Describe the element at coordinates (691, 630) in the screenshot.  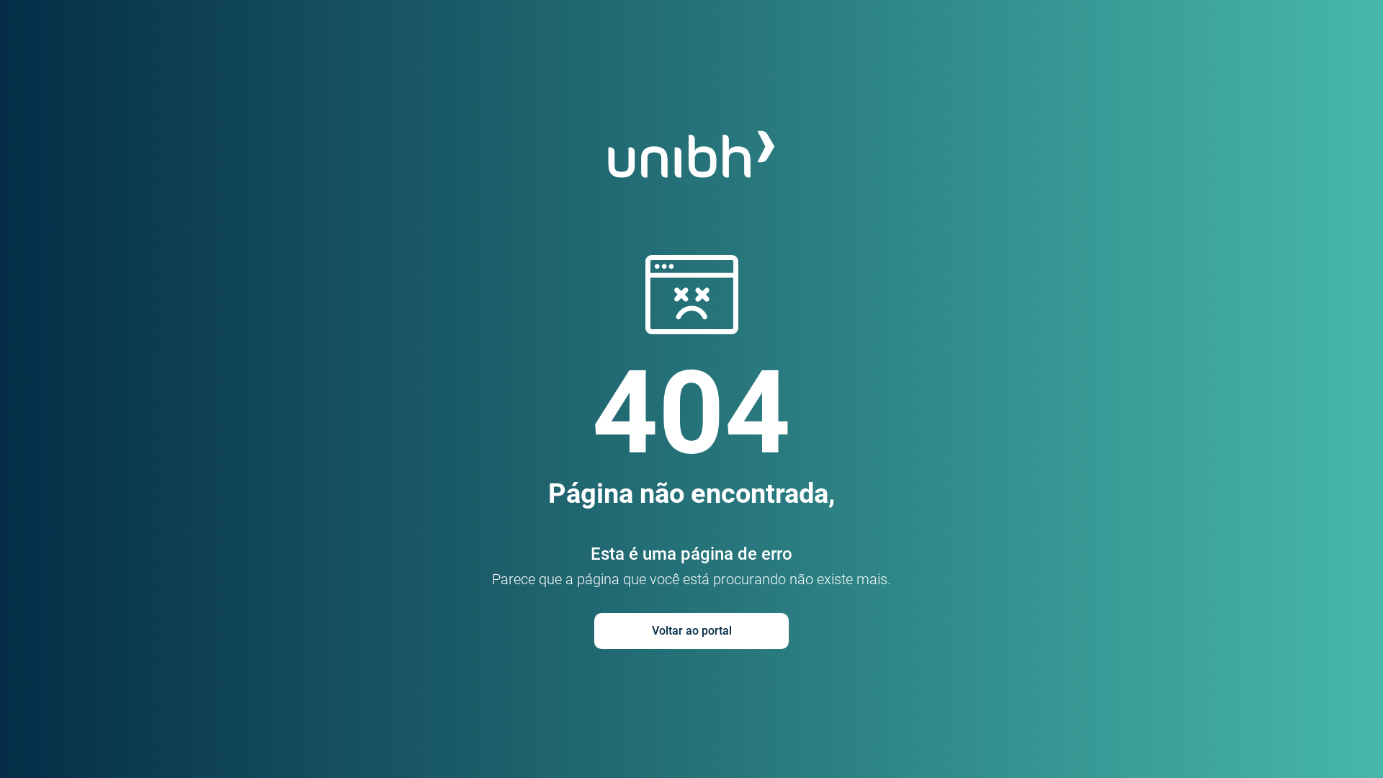
I see `'Voltar ao portal'` at that location.